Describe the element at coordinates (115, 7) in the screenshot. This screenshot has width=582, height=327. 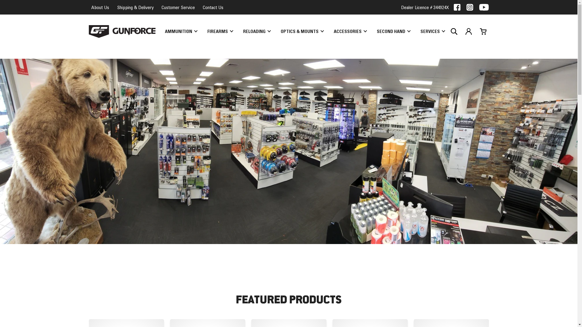
I see `'Shipping & Delivery'` at that location.